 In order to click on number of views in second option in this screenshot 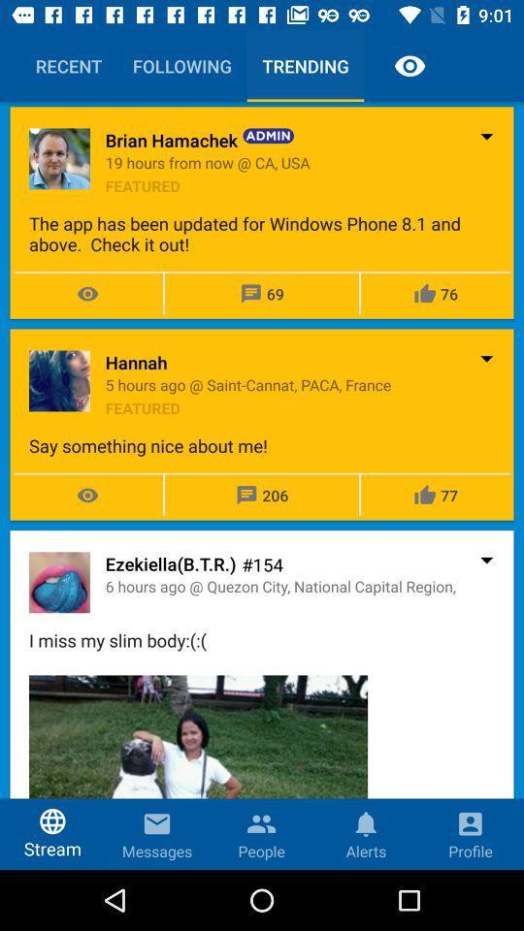, I will do `click(86, 495)`.